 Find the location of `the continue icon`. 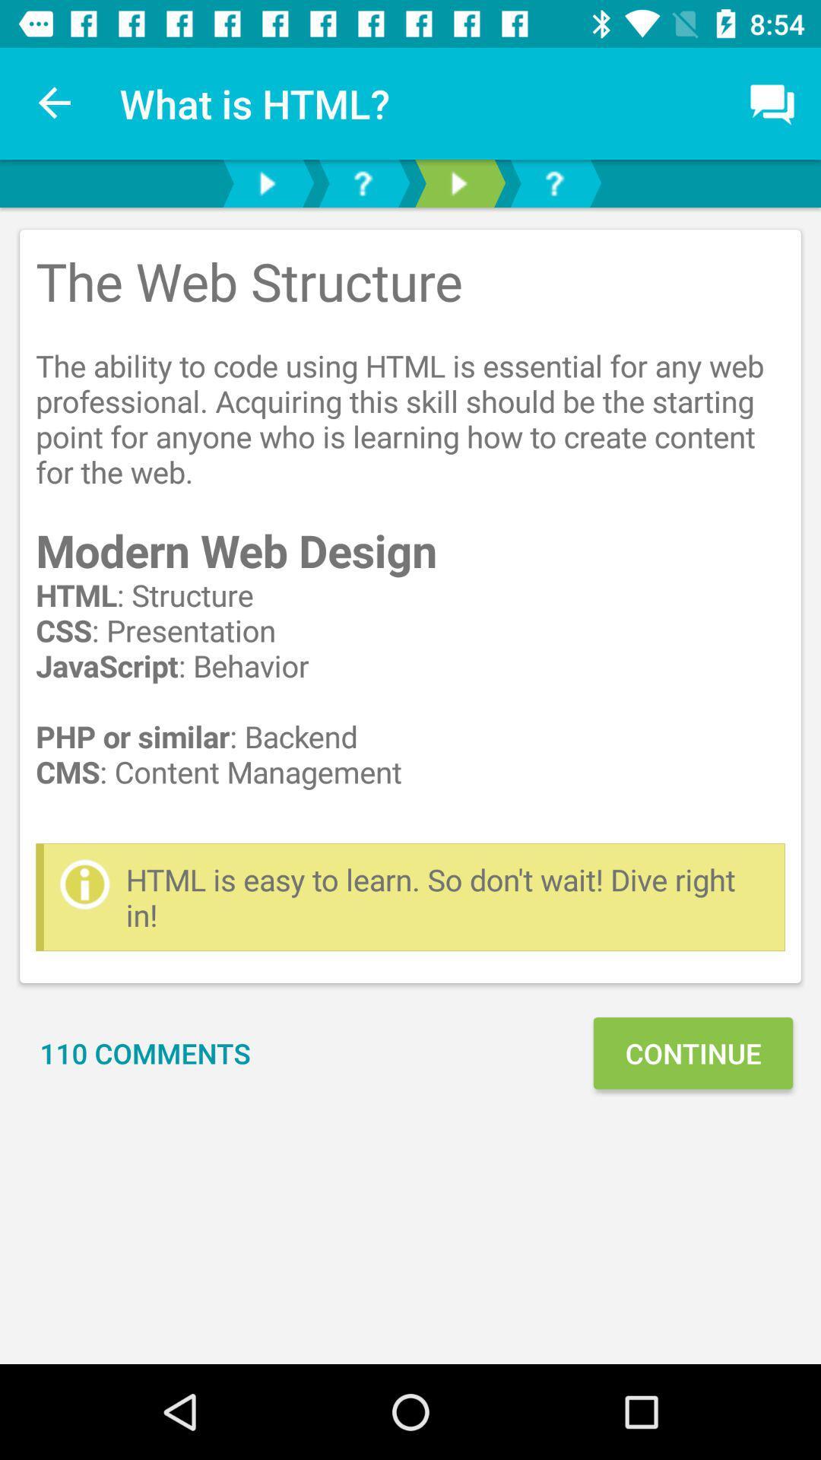

the continue icon is located at coordinates (693, 1052).